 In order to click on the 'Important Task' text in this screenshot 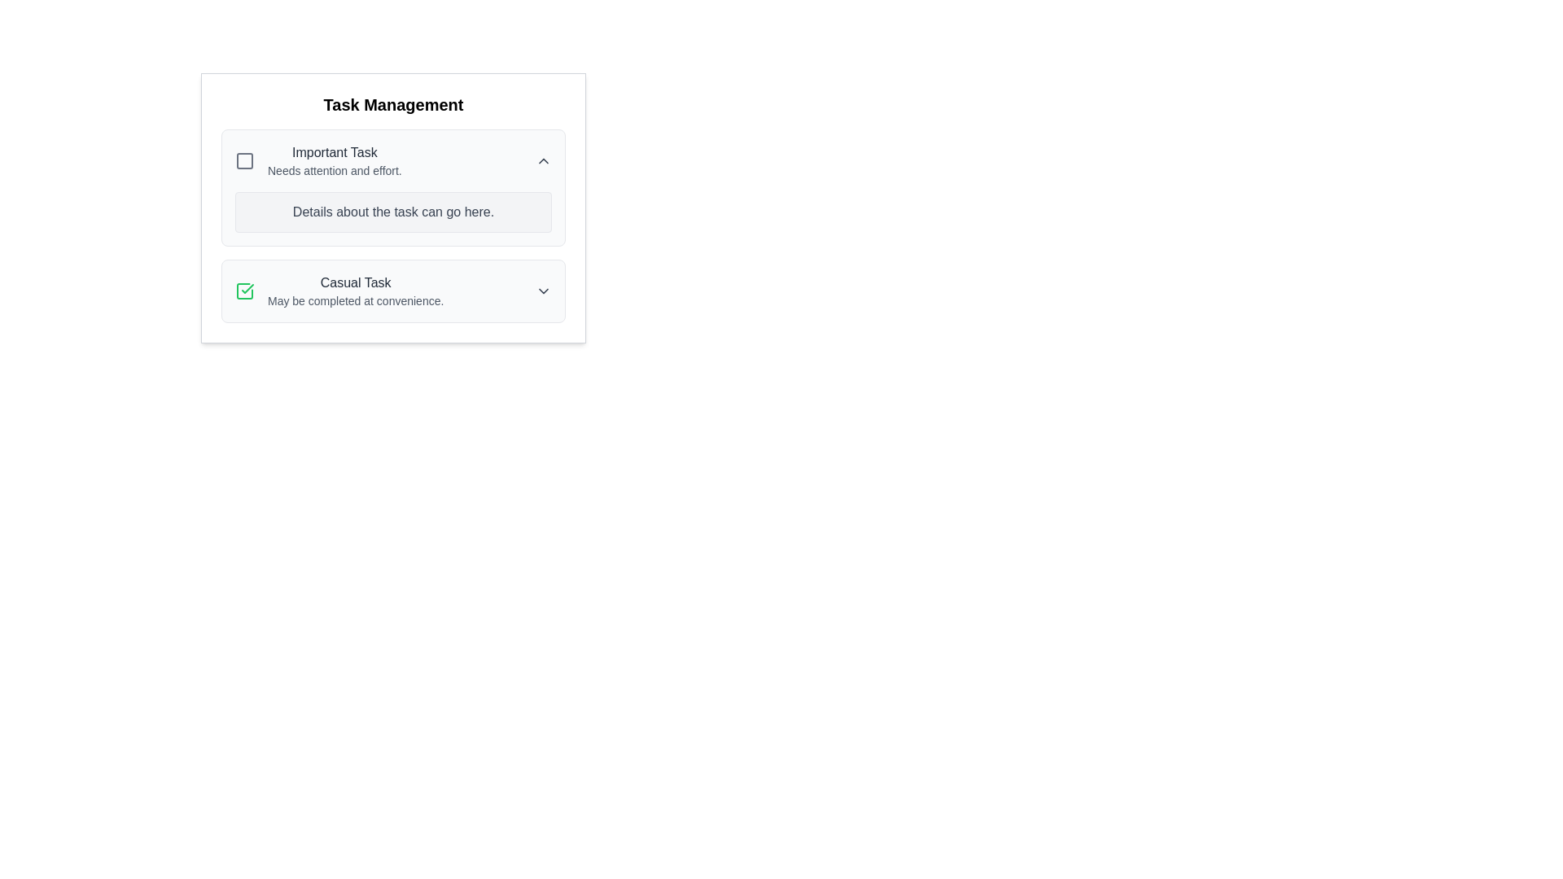, I will do `click(318, 160)`.